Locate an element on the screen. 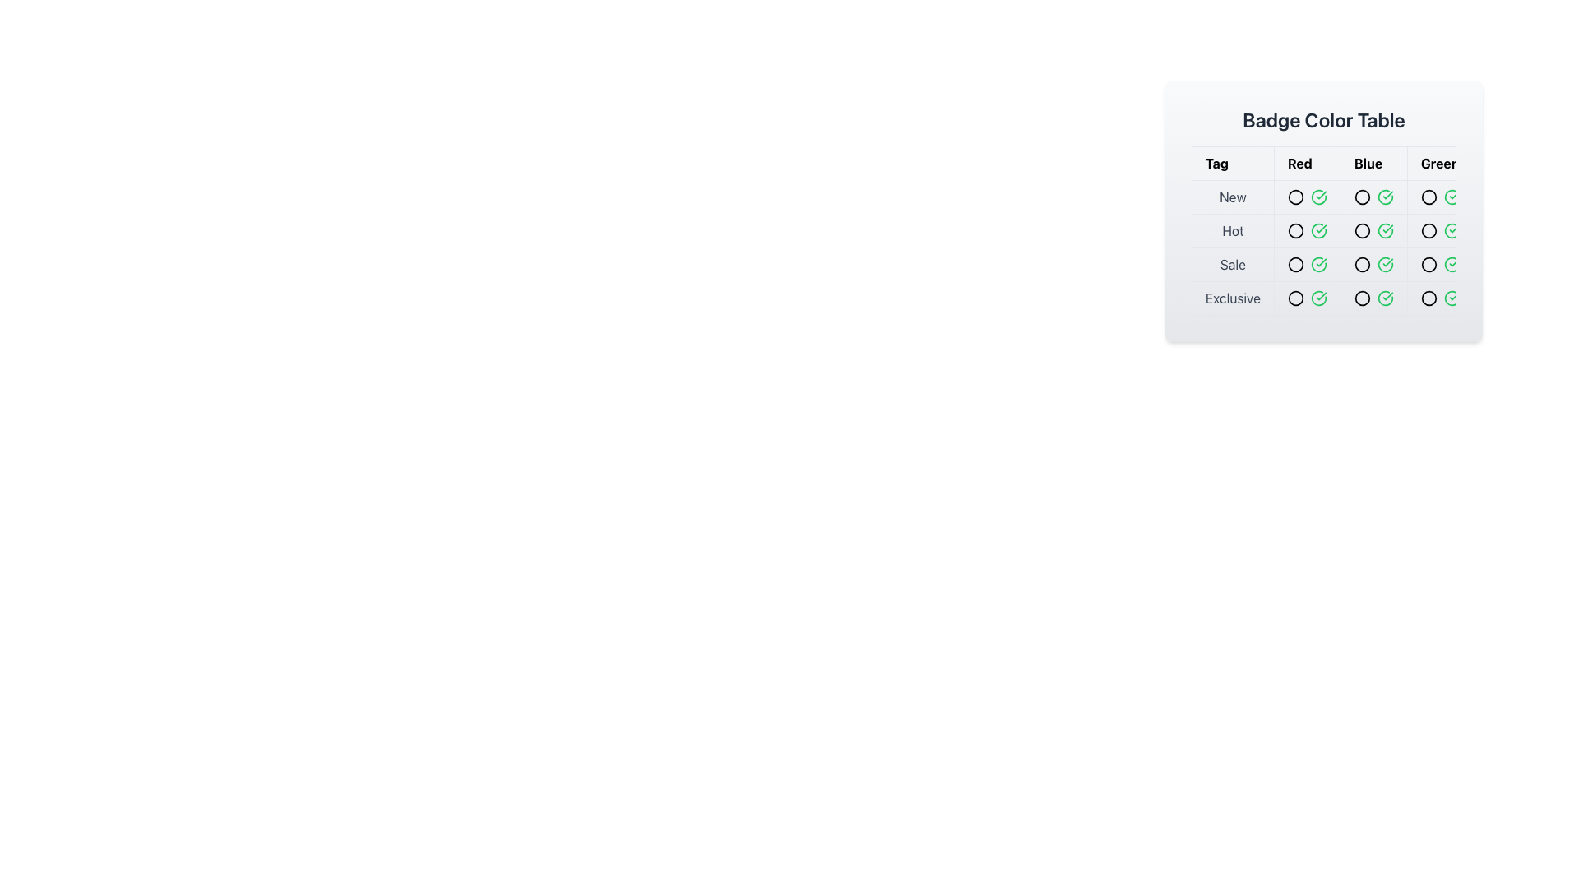 The height and width of the screenshot is (888, 1579). the green circular check icon segment located in the 'Sale' row and 'Green' column of the 'Badge Color Table' section is located at coordinates (1318, 263).